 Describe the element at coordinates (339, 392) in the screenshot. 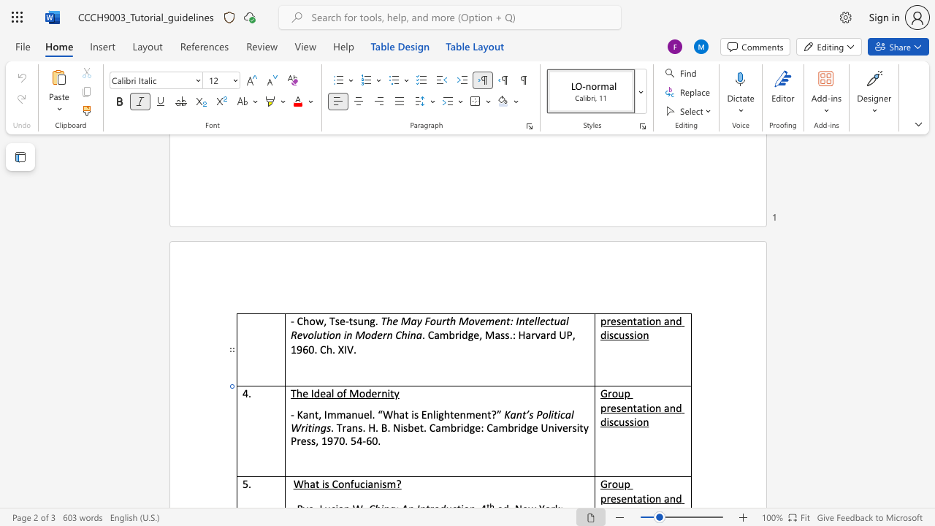

I see `the 1th character "o" in the text` at that location.